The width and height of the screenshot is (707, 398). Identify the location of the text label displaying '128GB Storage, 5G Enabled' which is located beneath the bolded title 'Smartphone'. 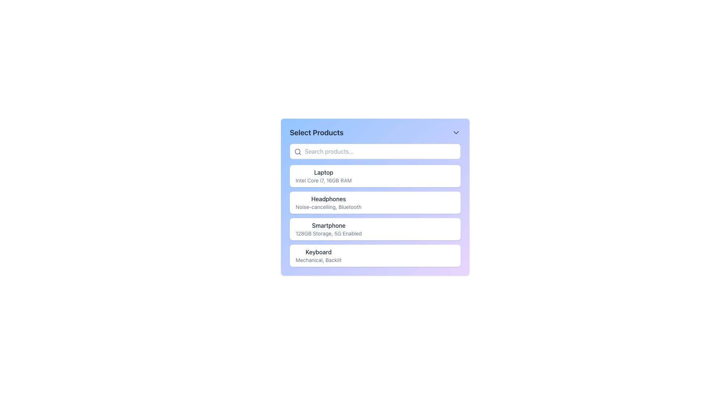
(328, 233).